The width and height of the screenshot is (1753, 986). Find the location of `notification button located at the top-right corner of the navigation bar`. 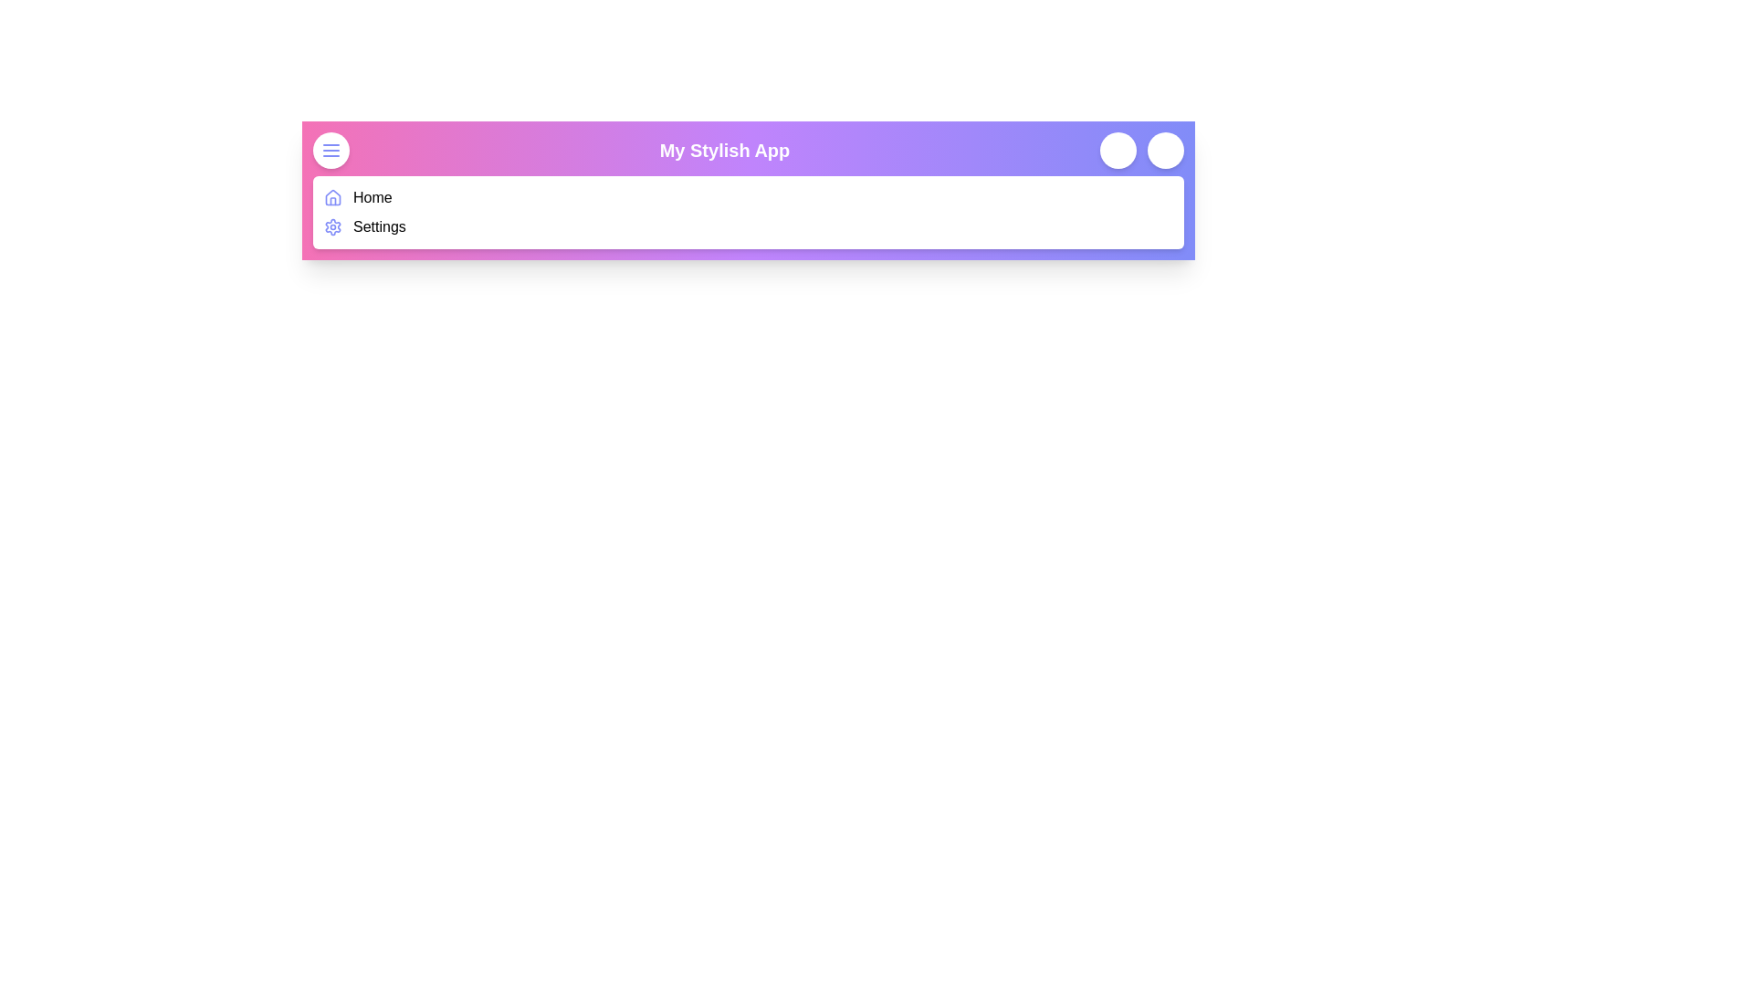

notification button located at the top-right corner of the navigation bar is located at coordinates (1117, 150).